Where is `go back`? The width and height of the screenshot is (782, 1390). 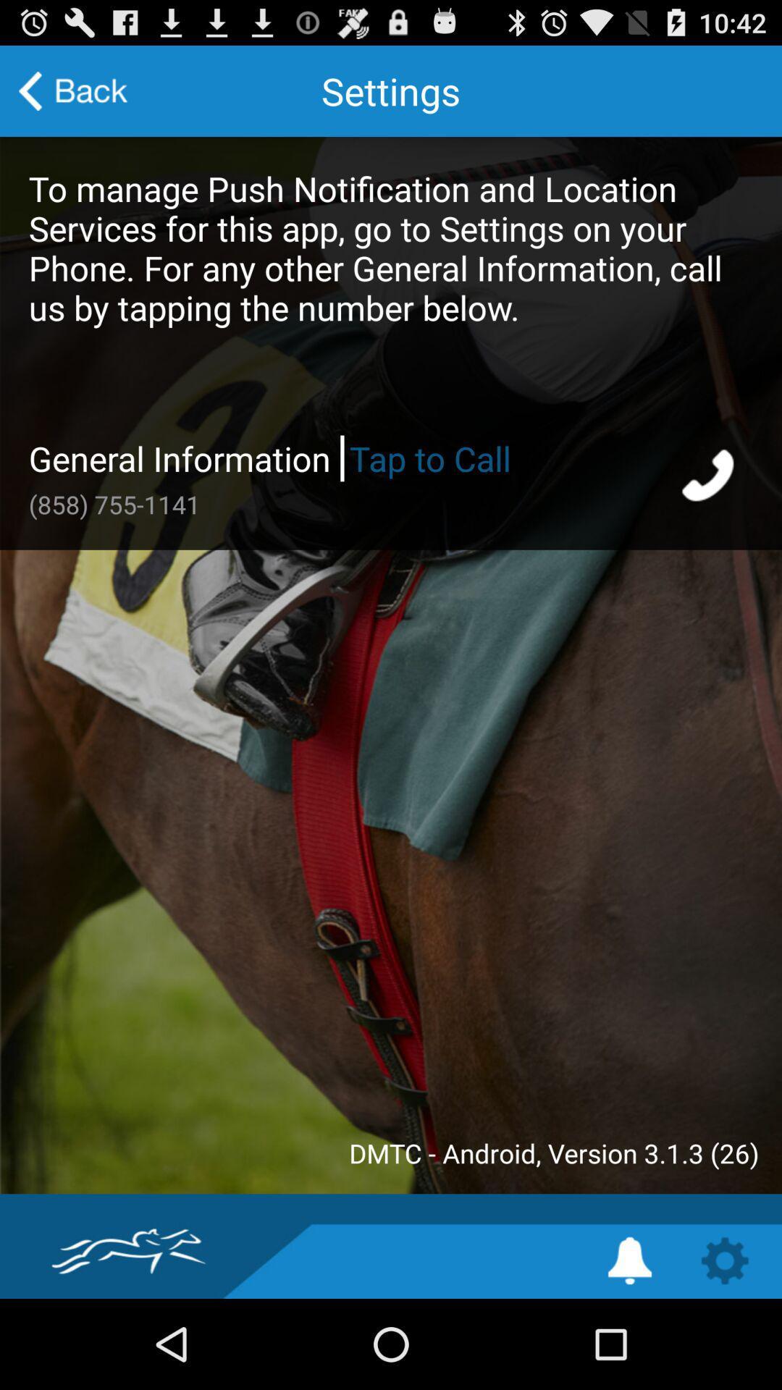
go back is located at coordinates (73, 90).